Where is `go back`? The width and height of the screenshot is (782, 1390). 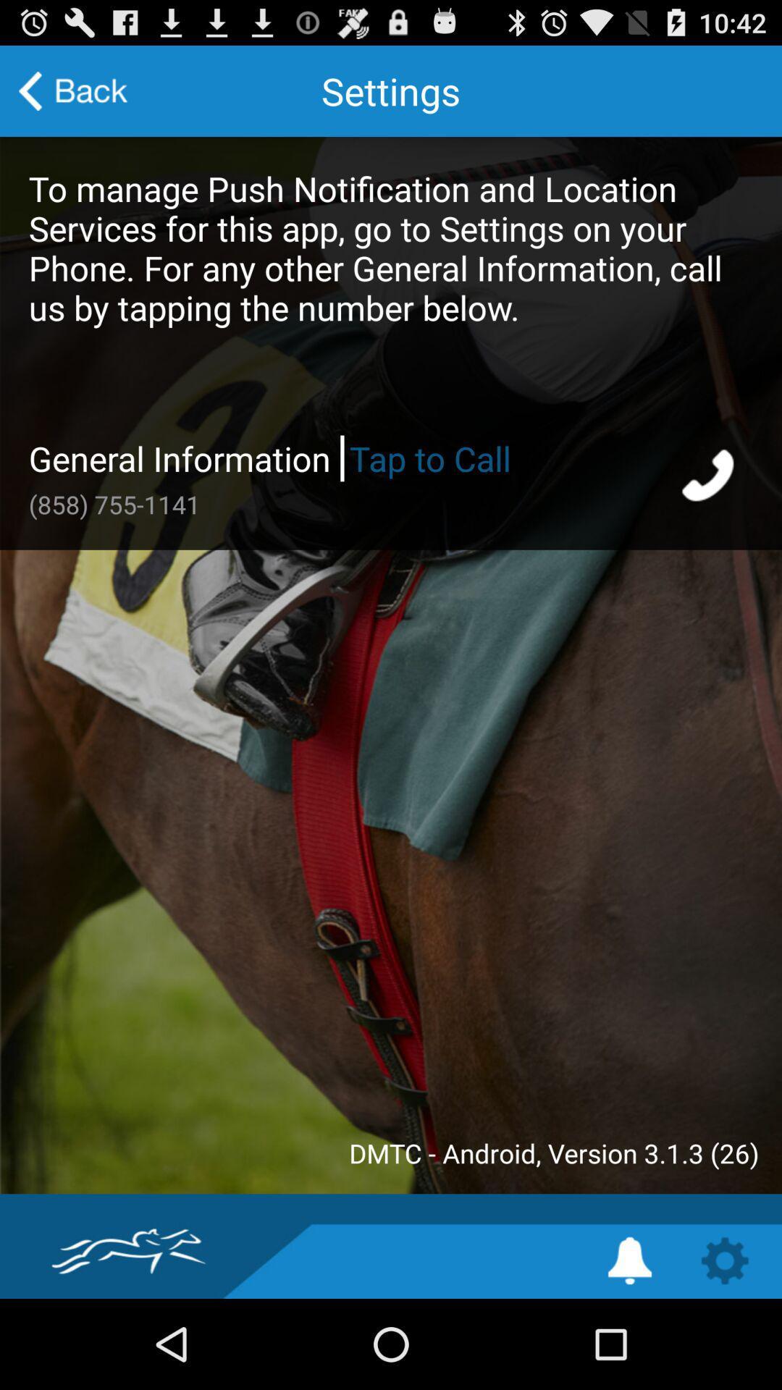
go back is located at coordinates (73, 90).